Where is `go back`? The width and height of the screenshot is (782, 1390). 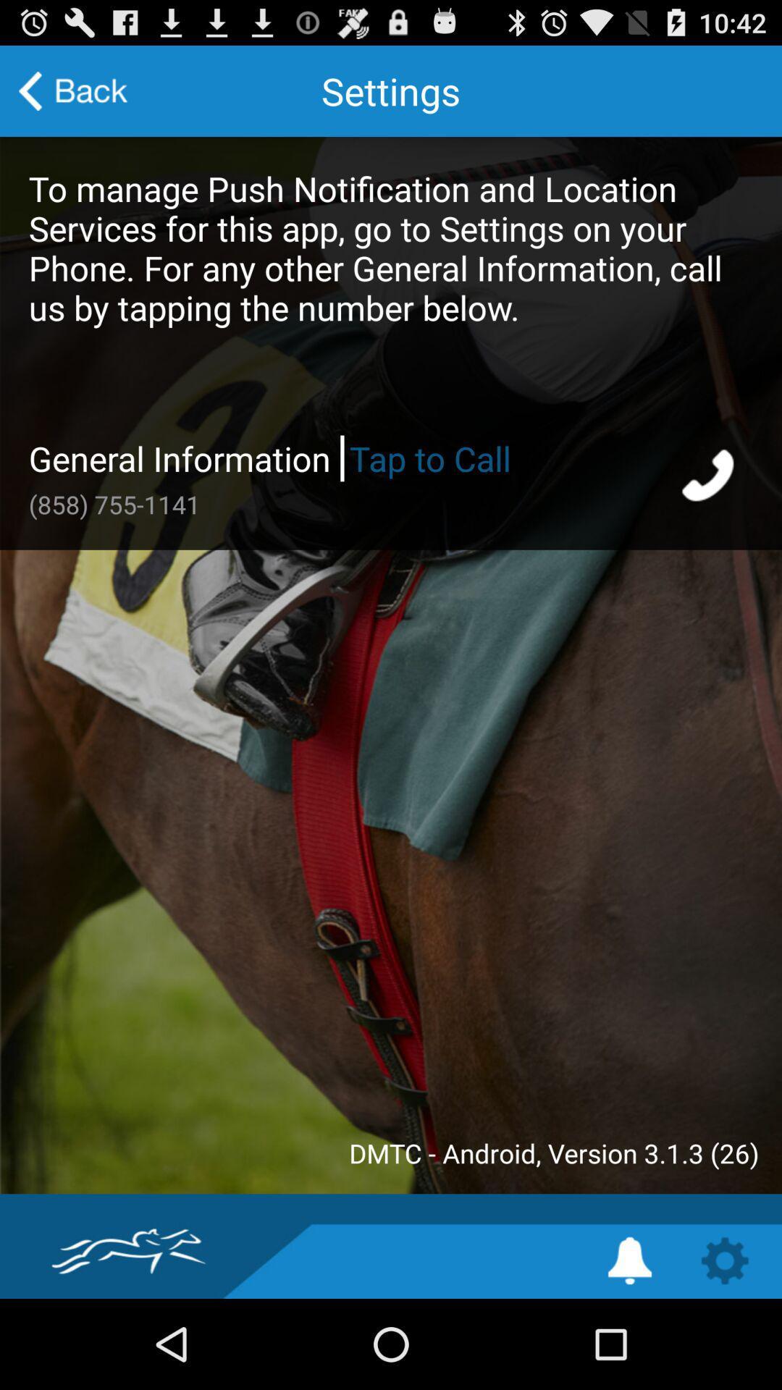
go back is located at coordinates (73, 90).